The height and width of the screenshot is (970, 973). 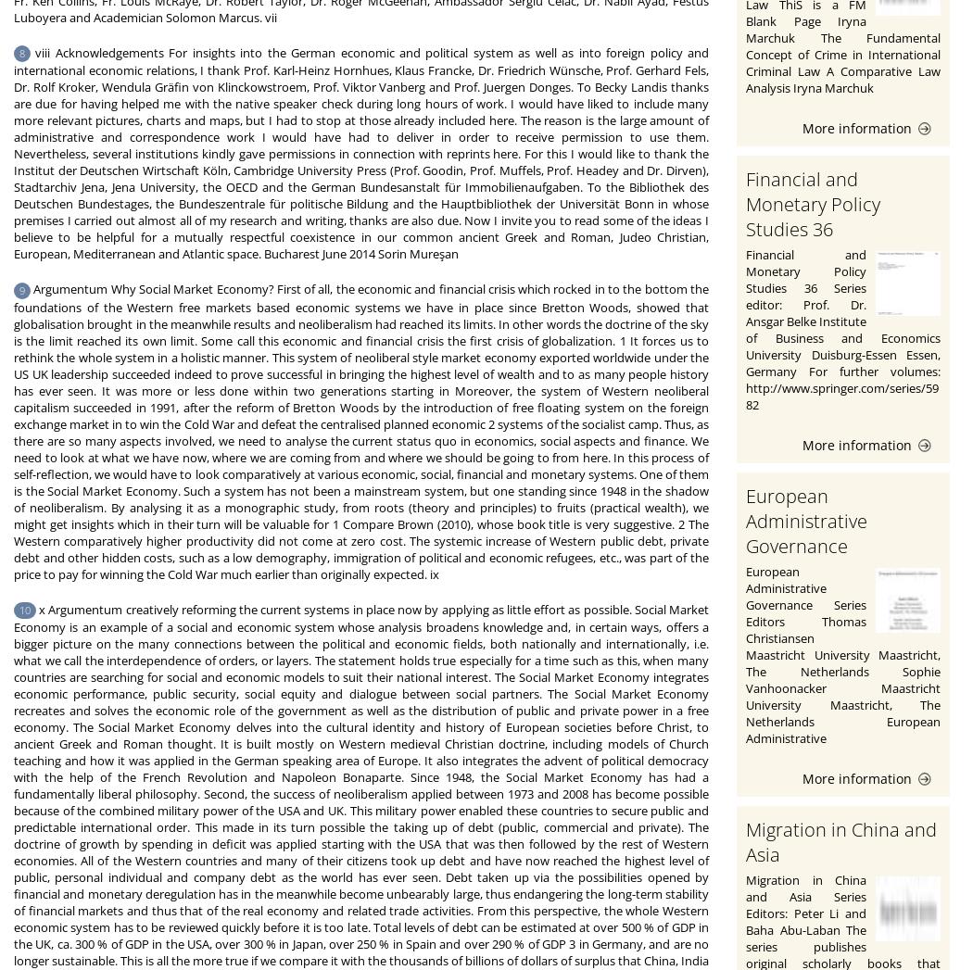 I want to click on 'European Administrative Governance Series Editors Thomas Christiansen Maastricht University Maastricht, The Netherlands Sophie Vanhoonacker Maastricht University Maastricht, The Netherlands European Administrative', so click(x=843, y=652).